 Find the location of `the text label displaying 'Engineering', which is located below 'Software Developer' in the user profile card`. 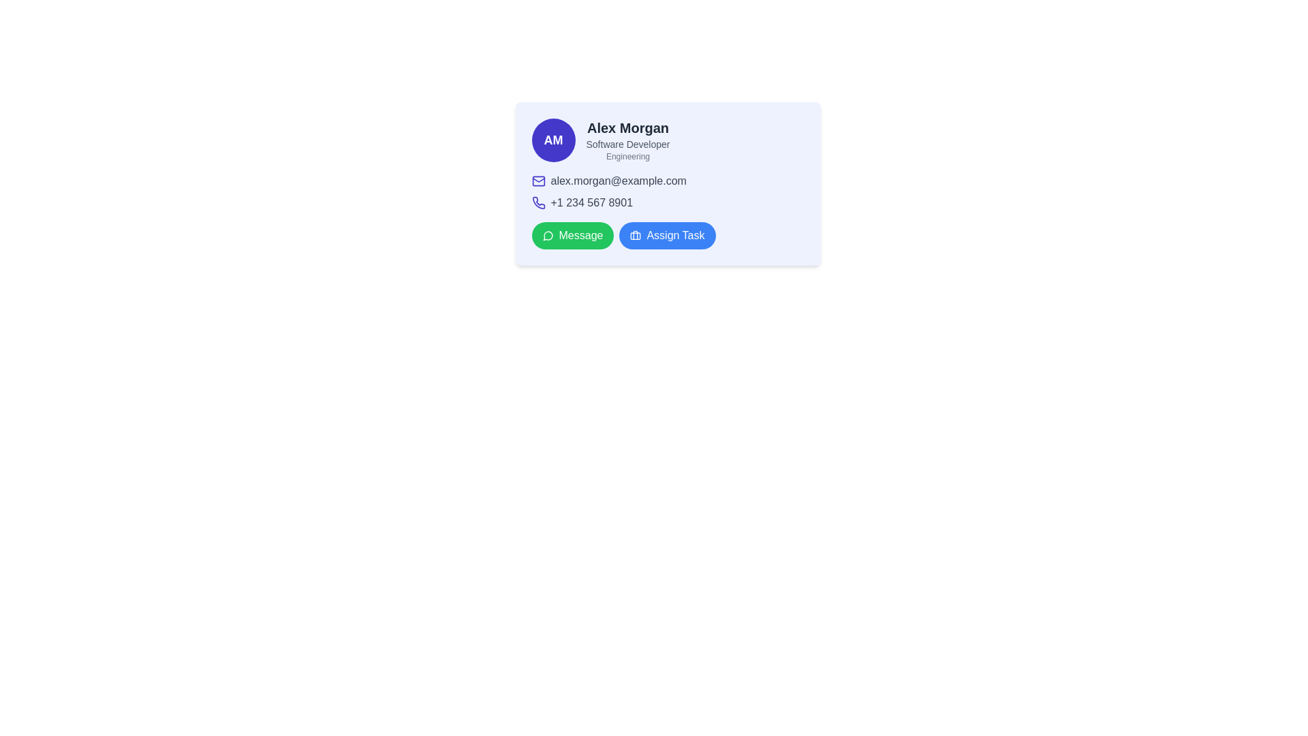

the text label displaying 'Engineering', which is located below 'Software Developer' in the user profile card is located at coordinates (627, 156).